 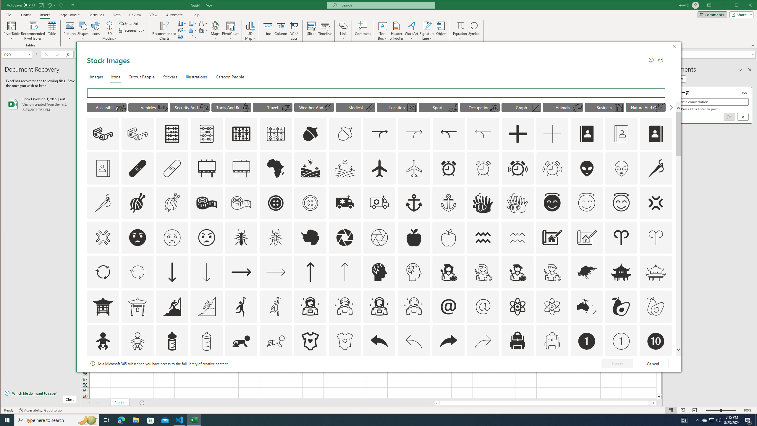 What do you see at coordinates (587, 375) in the screenshot?
I see `'AutomationID: Icons_Badge8_M'` at bounding box center [587, 375].